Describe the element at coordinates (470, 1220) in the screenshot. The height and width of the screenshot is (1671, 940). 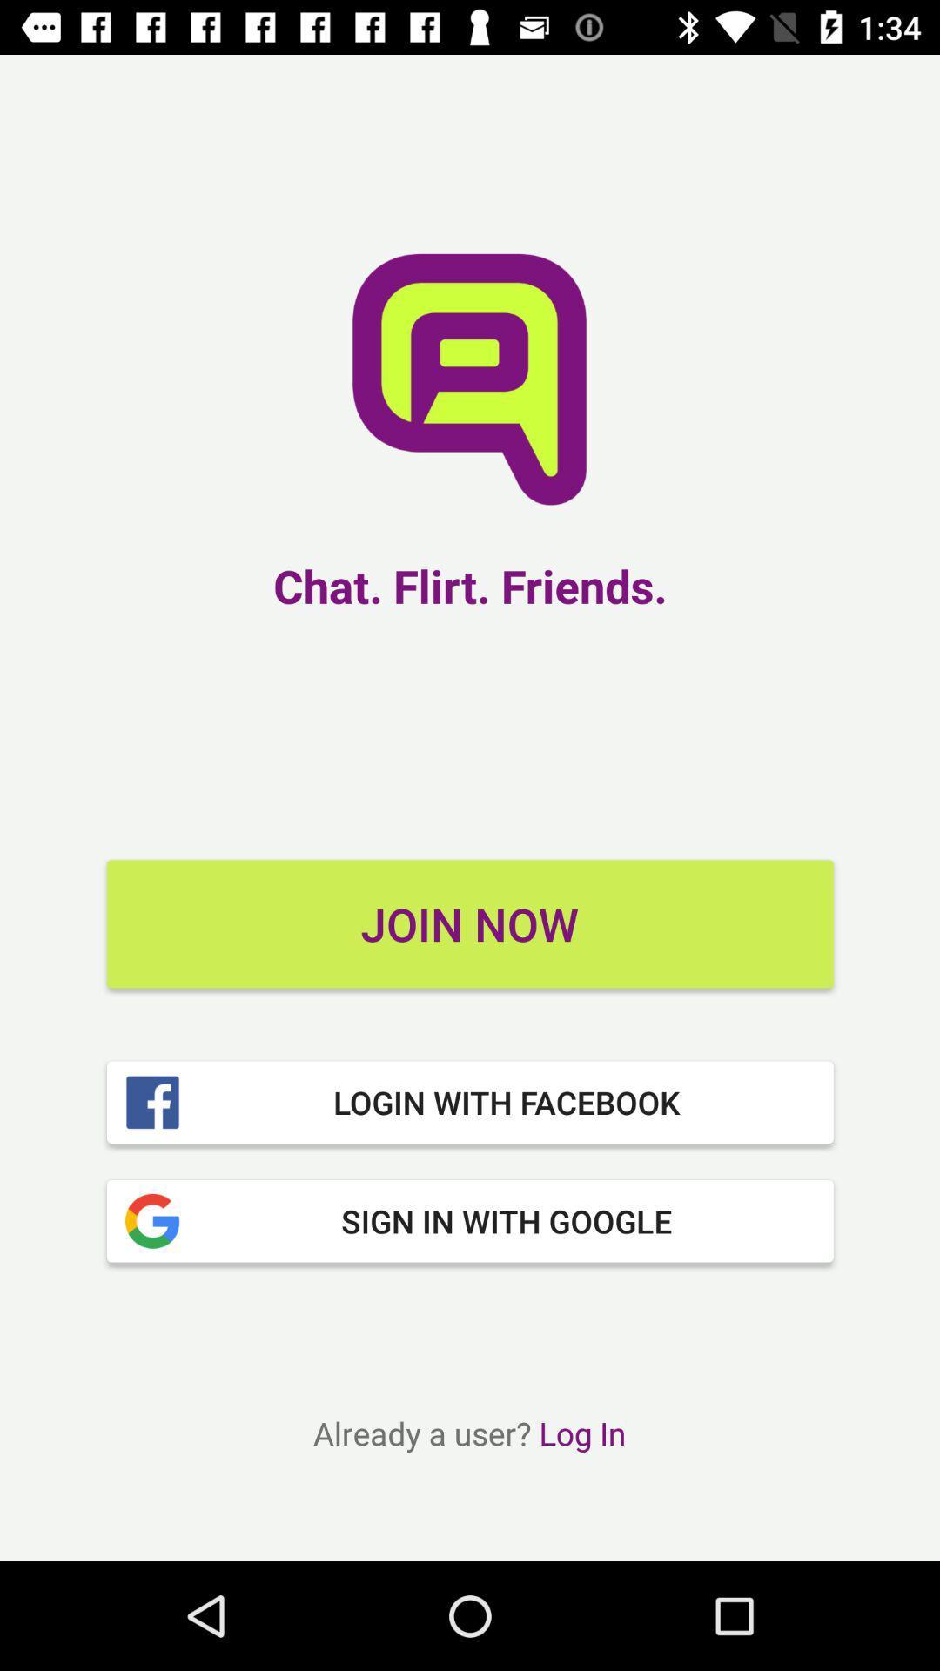
I see `item below login with facebook item` at that location.